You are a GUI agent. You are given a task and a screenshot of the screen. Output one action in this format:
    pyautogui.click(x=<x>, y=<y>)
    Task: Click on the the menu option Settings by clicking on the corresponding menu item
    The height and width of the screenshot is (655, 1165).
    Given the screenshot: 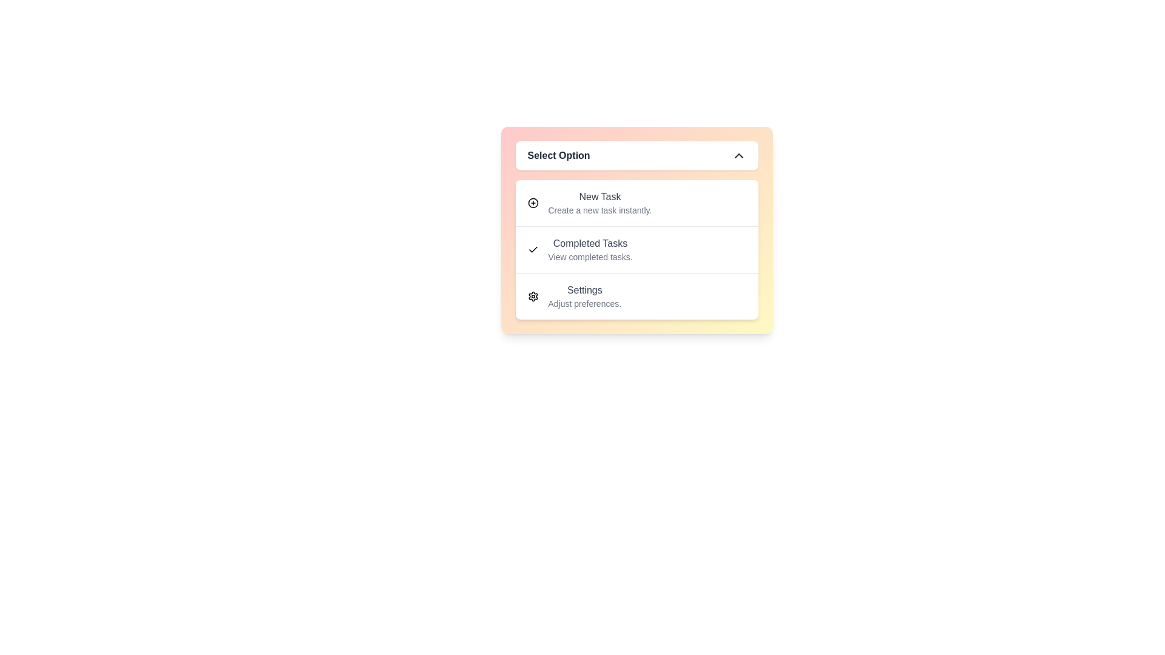 What is the action you would take?
    pyautogui.click(x=636, y=296)
    